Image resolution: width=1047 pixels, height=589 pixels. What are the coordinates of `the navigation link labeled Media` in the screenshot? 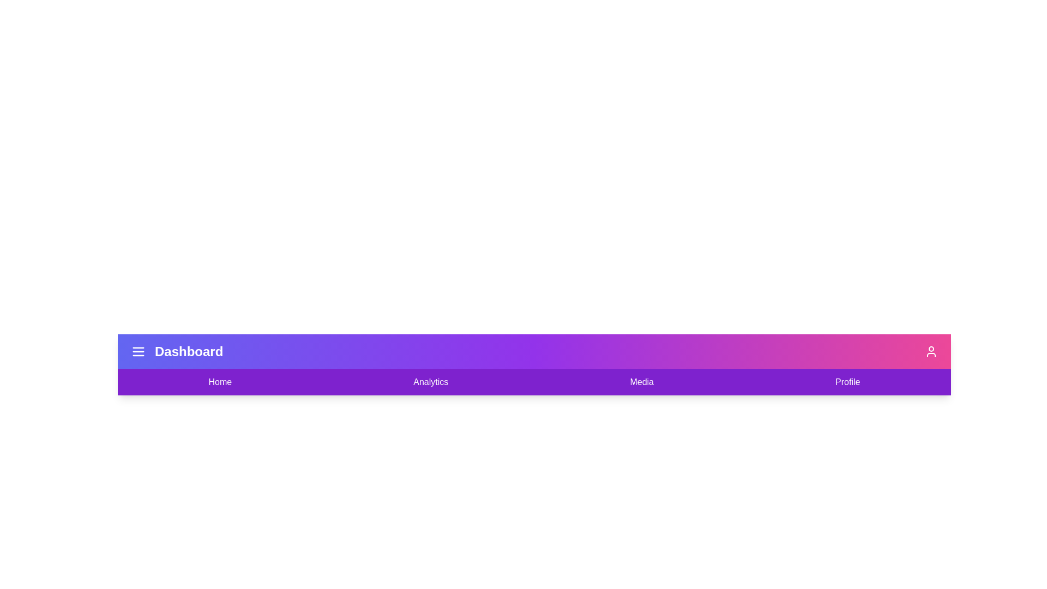 It's located at (642, 382).